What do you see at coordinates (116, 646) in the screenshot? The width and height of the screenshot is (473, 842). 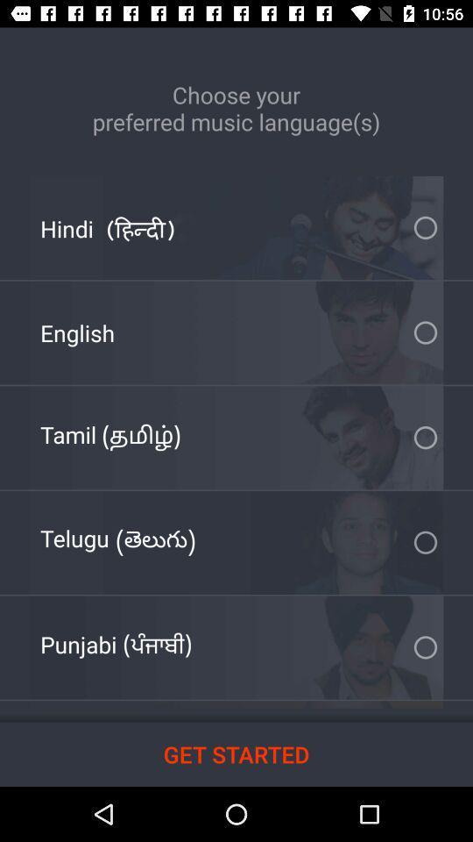 I see `the item at the bottom left corner` at bounding box center [116, 646].